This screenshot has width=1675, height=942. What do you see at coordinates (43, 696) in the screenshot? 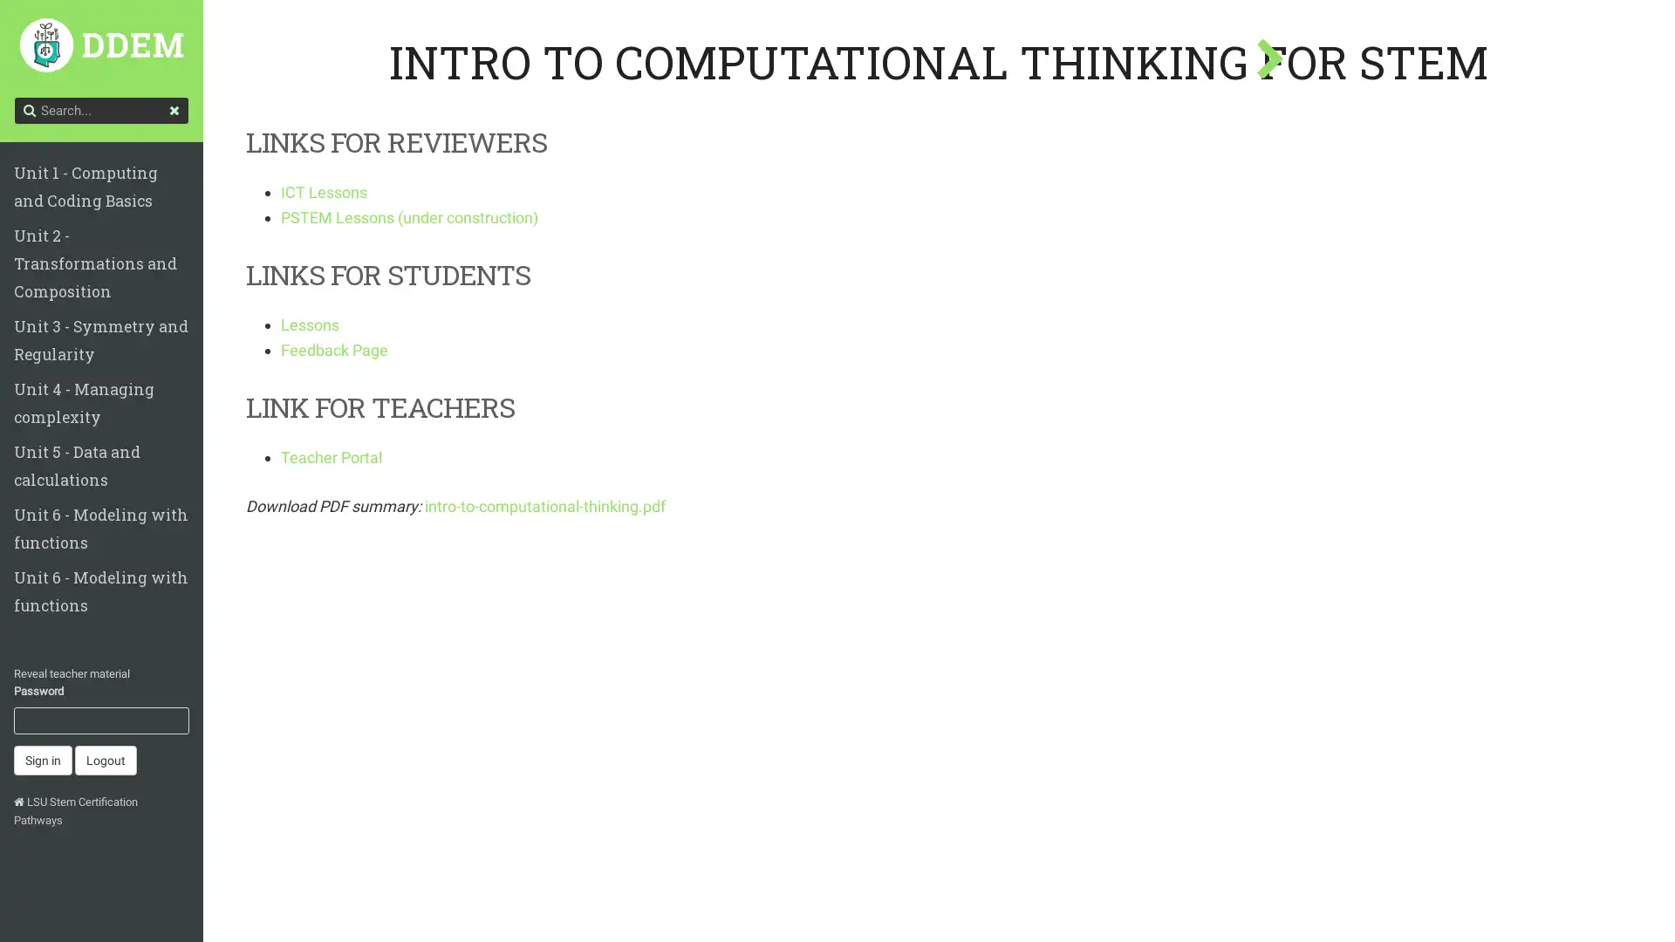
I see `Sign in` at bounding box center [43, 696].